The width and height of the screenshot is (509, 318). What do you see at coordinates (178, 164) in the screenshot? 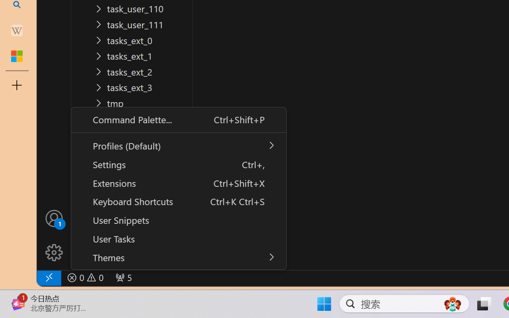
I see `'Settings Ctrl+,'` at bounding box center [178, 164].